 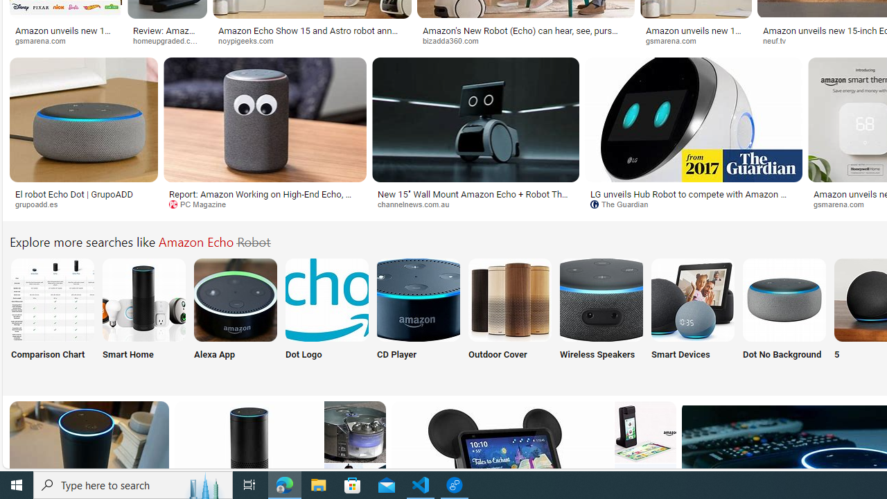 I want to click on 'Alexa App. Amazon Echo', so click(x=235, y=299).